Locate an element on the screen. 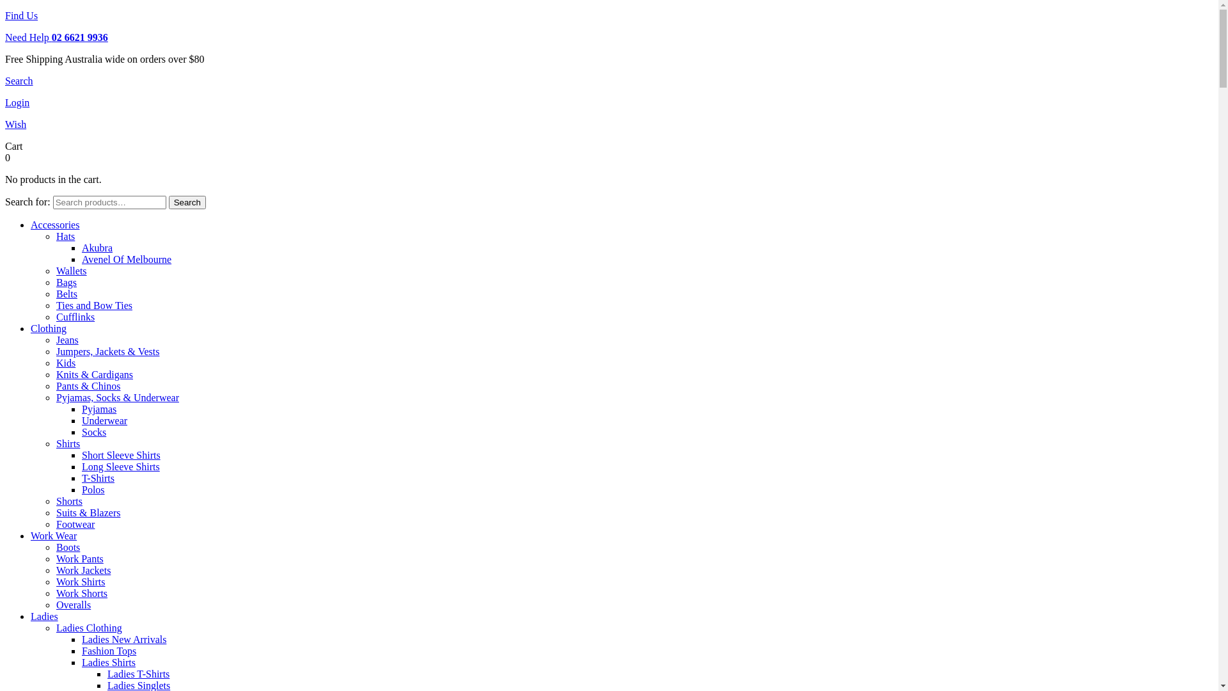 This screenshot has width=1228, height=691. 'Ladies Clothing' is located at coordinates (88, 627).